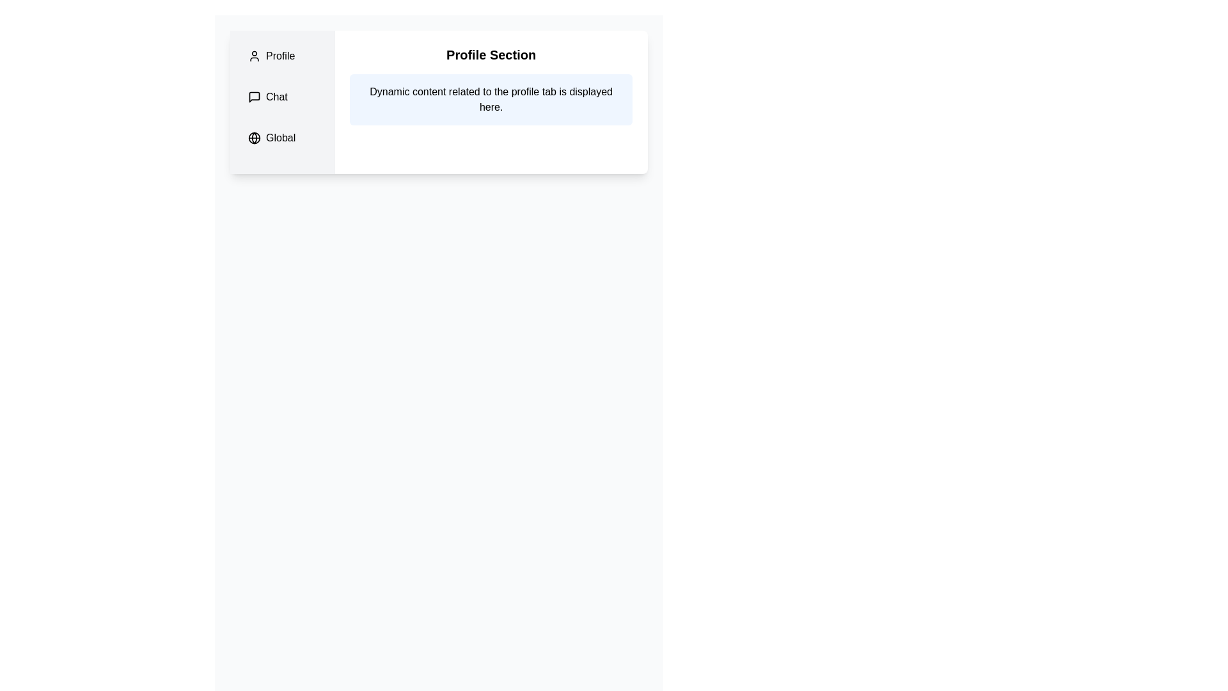 The width and height of the screenshot is (1228, 691). I want to click on the 'Chat' static text label located in the second row of the vertical navigation menu, next to the speech bubble icon under the 'Profile' section, so click(276, 96).